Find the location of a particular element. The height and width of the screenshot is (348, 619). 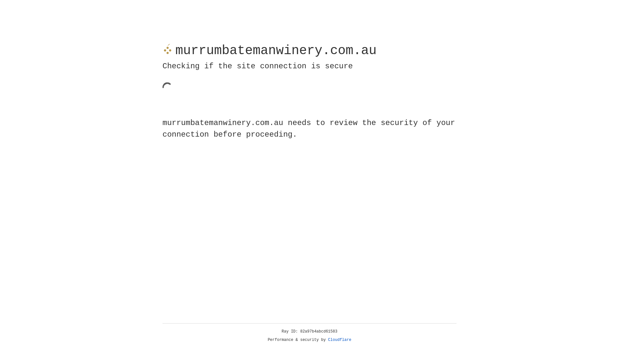

'Cloudflare' is located at coordinates (328, 340).